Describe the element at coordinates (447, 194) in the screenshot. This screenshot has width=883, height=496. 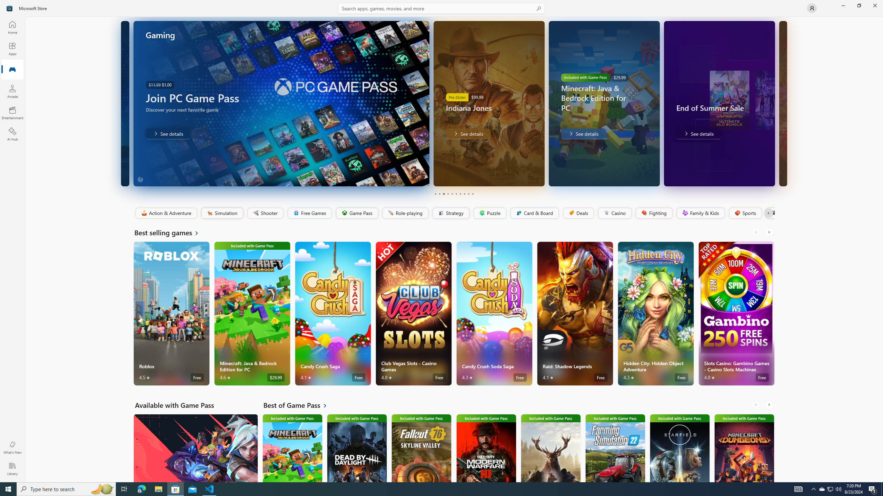
I see `'Page 4'` at that location.